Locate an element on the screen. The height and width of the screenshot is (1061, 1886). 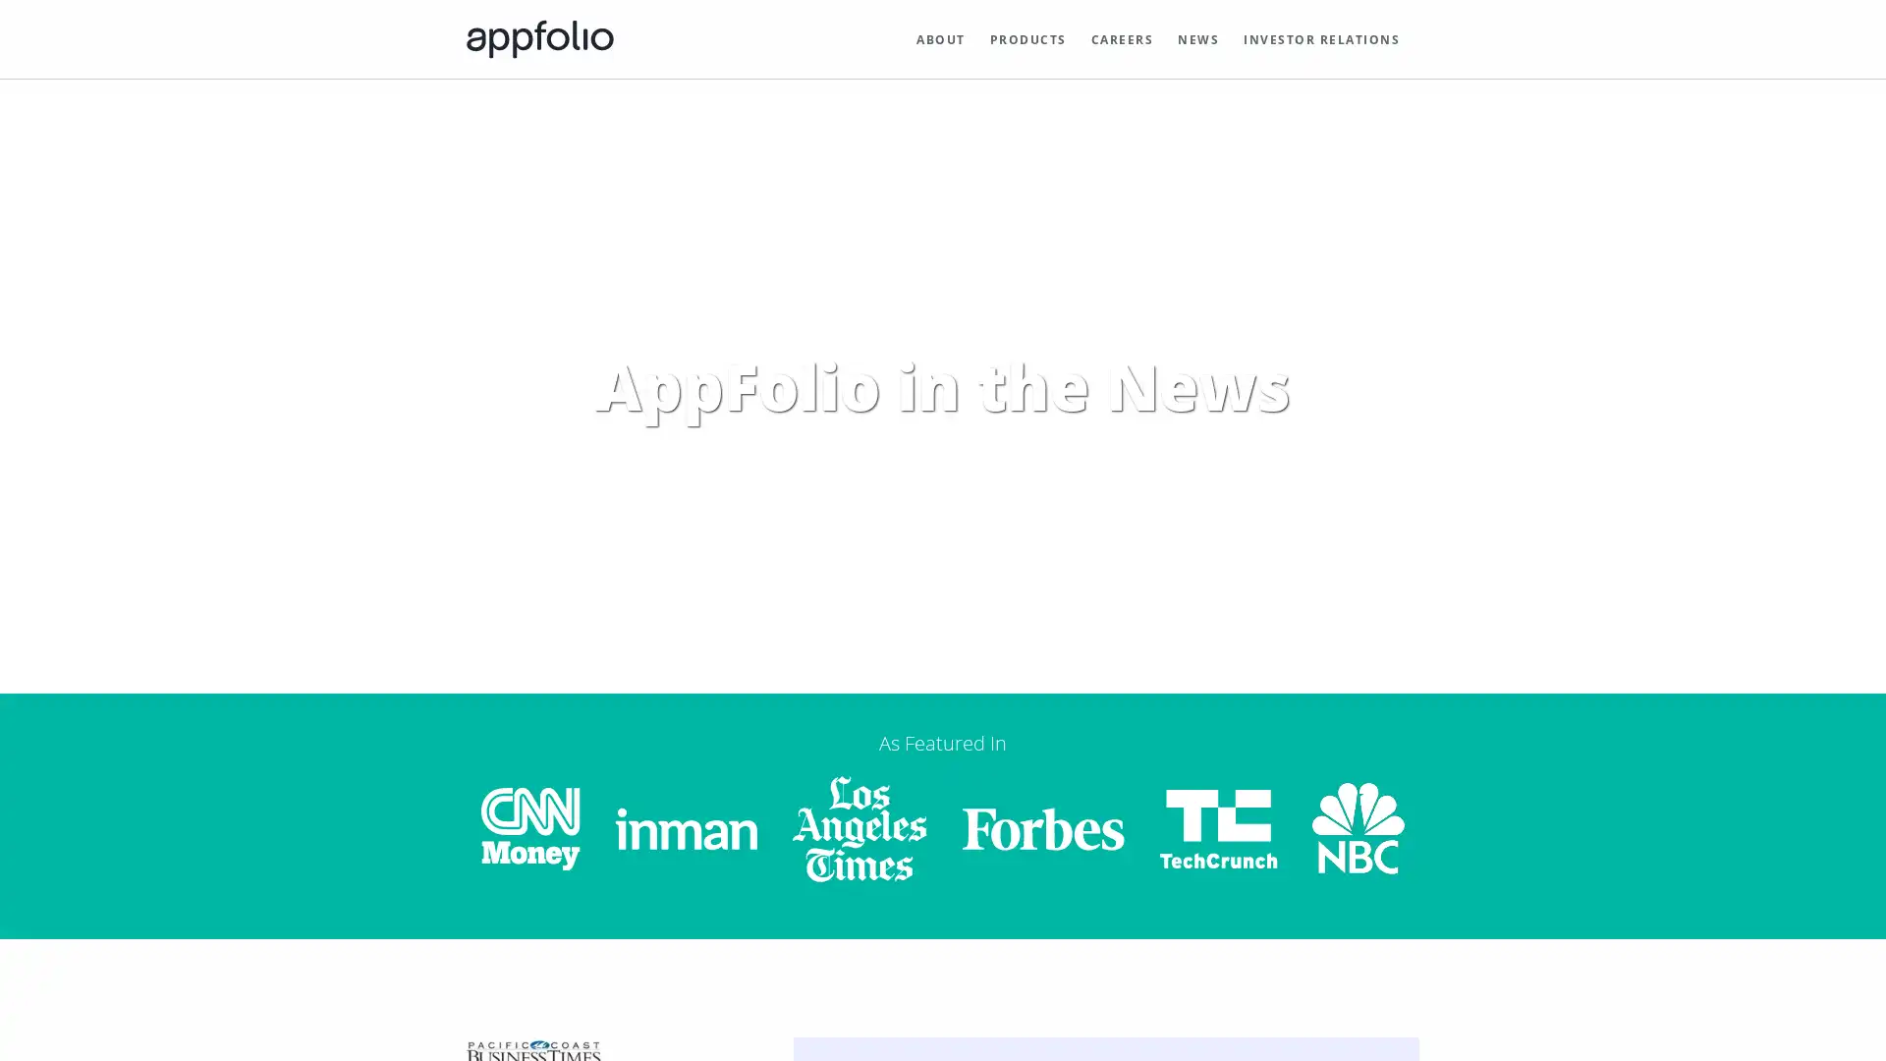
learn more about cookies is located at coordinates (611, 1035).